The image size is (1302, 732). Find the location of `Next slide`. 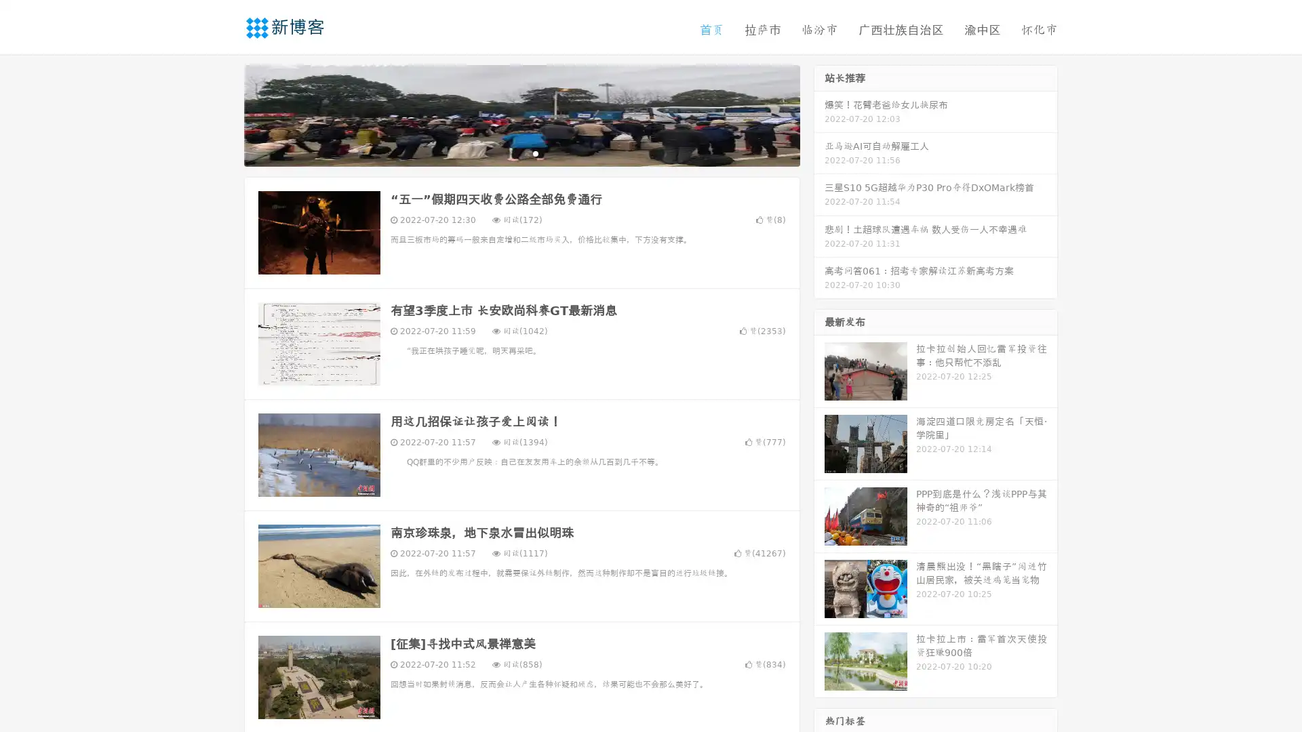

Next slide is located at coordinates (819, 114).